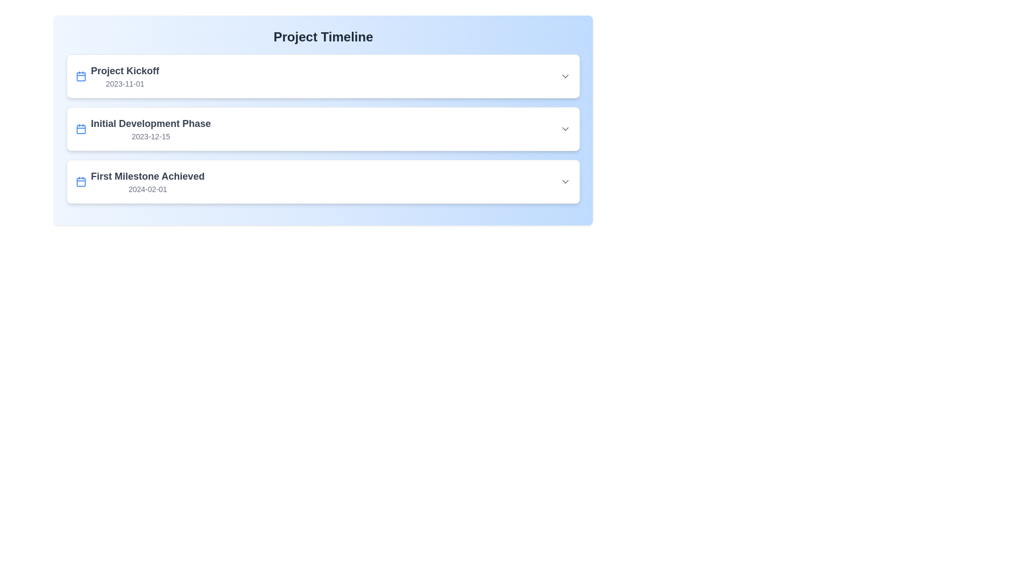  I want to click on text element displaying 'Initial Development Phase' and the date '2023-12-15', which is the second item in a vertical list of three elements, so click(150, 128).